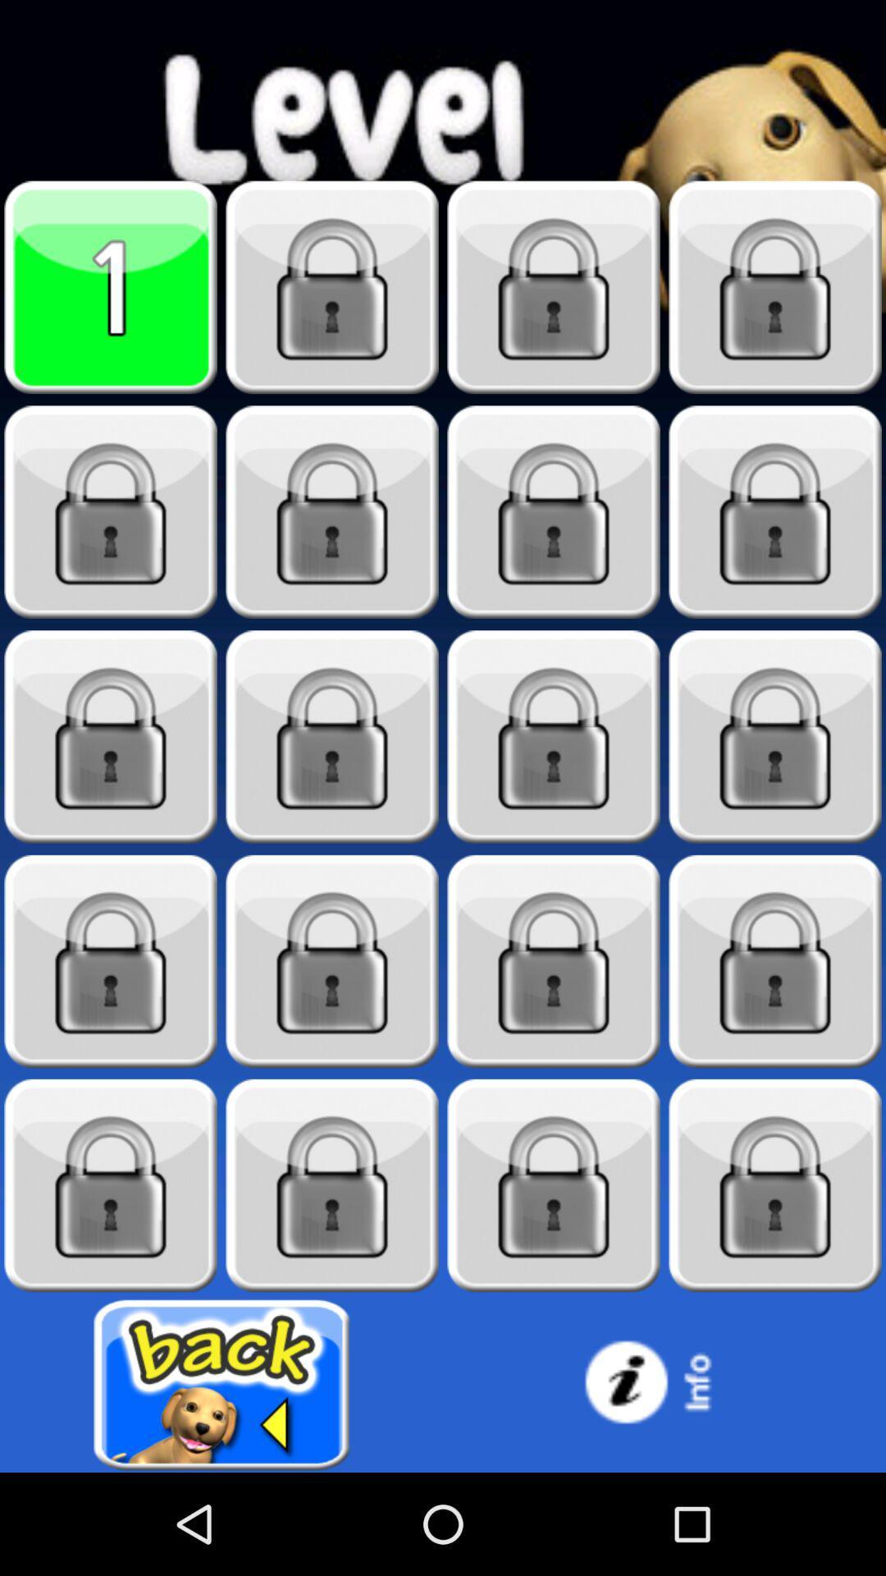 The width and height of the screenshot is (886, 1576). What do you see at coordinates (111, 736) in the screenshot?
I see `it is locked till you complete other levels` at bounding box center [111, 736].